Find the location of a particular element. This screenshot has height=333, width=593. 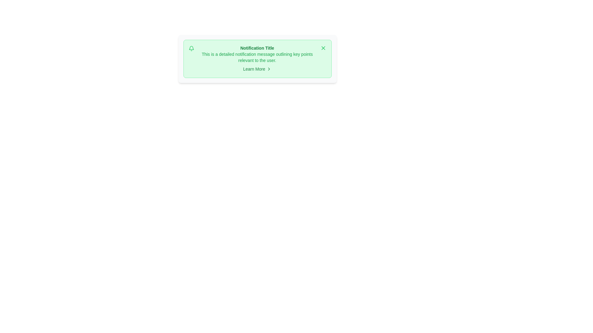

the 'Learn More' button to open more information is located at coordinates (257, 69).